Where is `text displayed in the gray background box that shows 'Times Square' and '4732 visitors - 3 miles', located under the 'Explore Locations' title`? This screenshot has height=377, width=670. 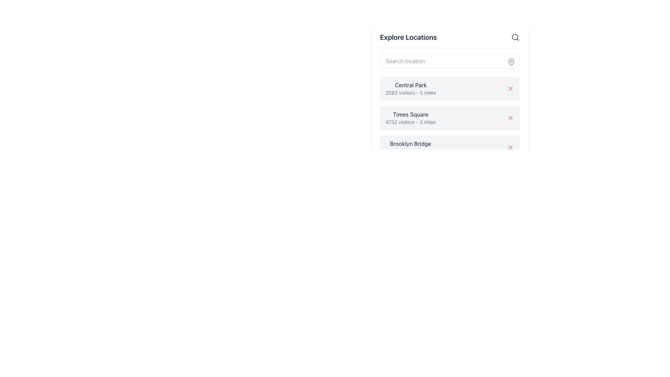
text displayed in the gray background box that shows 'Times Square' and '4732 visitors - 3 miles', located under the 'Explore Locations' title is located at coordinates (410, 118).